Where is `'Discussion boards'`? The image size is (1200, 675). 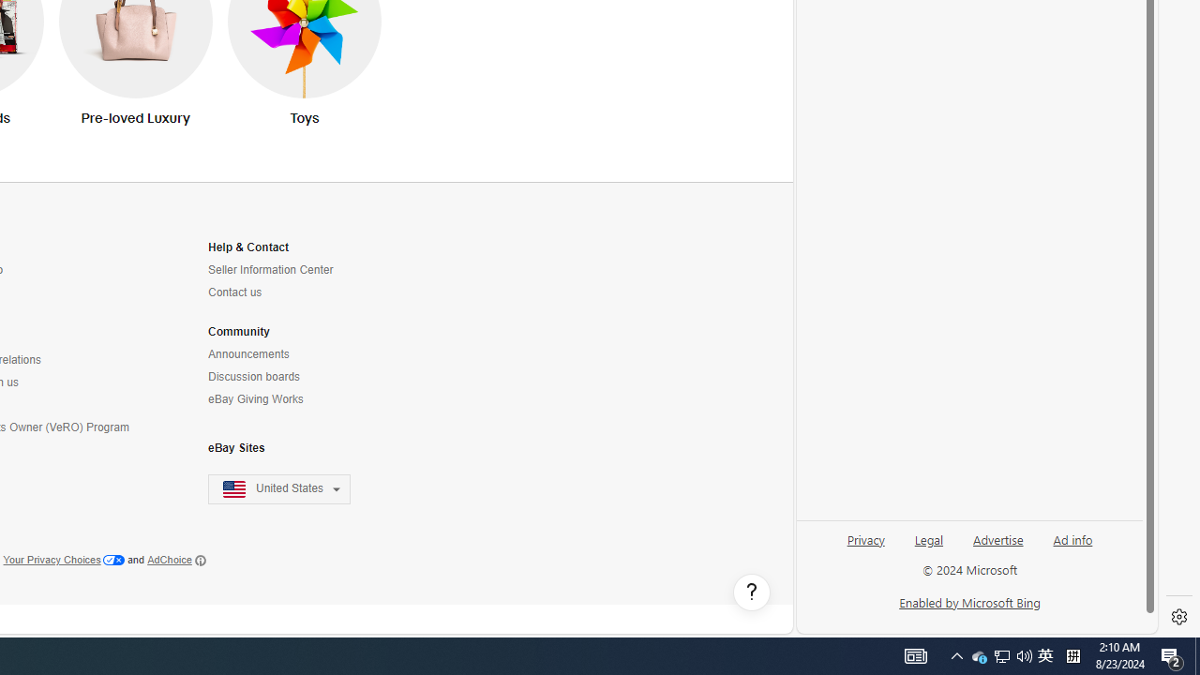 'Discussion boards' is located at coordinates (290, 377).